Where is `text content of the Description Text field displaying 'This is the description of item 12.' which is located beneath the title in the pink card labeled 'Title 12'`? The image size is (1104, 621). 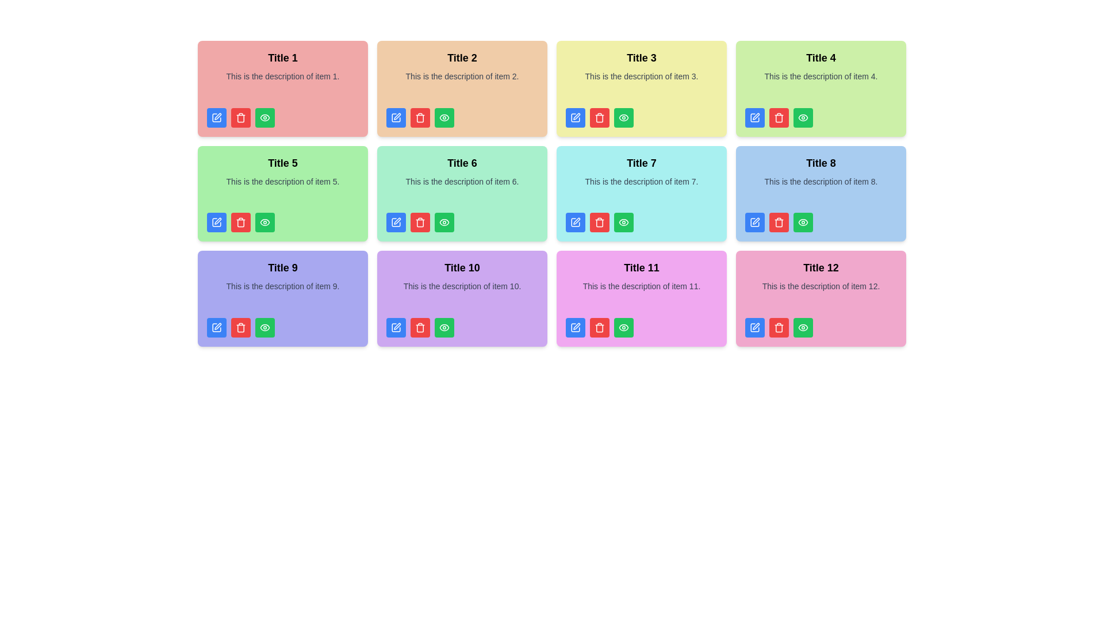 text content of the Description Text field displaying 'This is the description of item 12.' which is located beneath the title in the pink card labeled 'Title 12' is located at coordinates (821, 294).